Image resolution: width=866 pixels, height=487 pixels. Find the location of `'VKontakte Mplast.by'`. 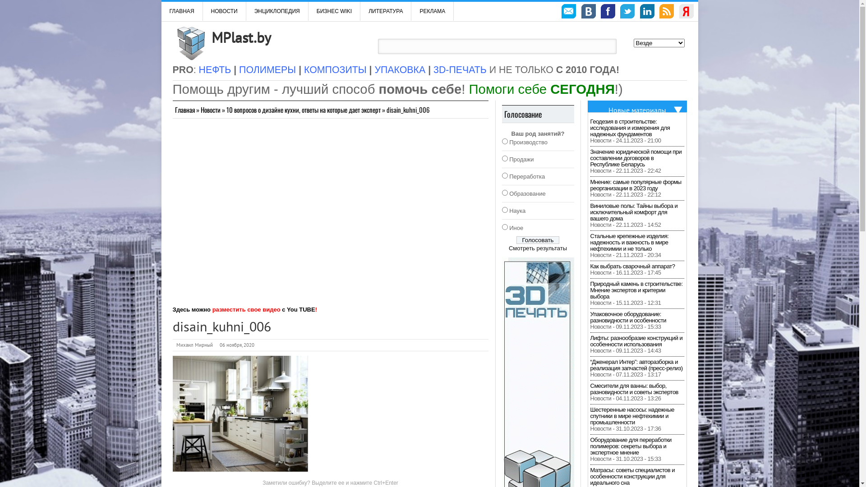

'VKontakte Mplast.by' is located at coordinates (589, 12).